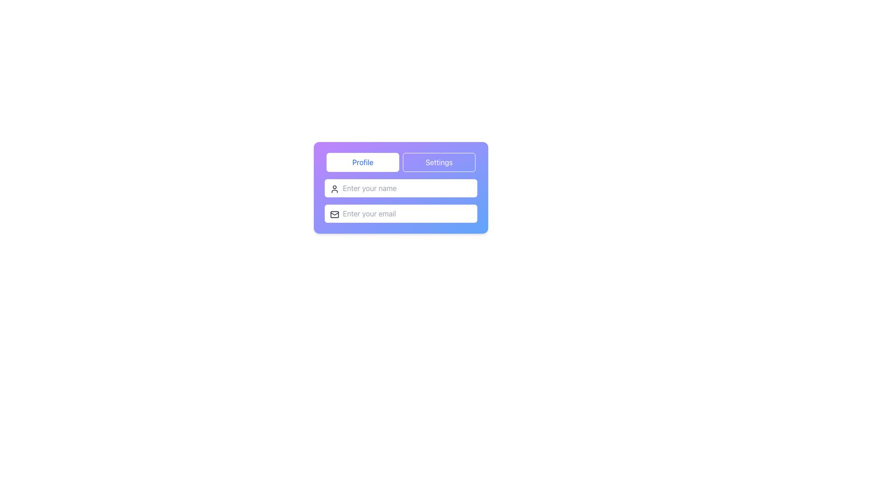 This screenshot has height=490, width=872. I want to click on the decorative icon inside the 'Enter your name' input field, located at the top left corner of the input box, so click(334, 188).